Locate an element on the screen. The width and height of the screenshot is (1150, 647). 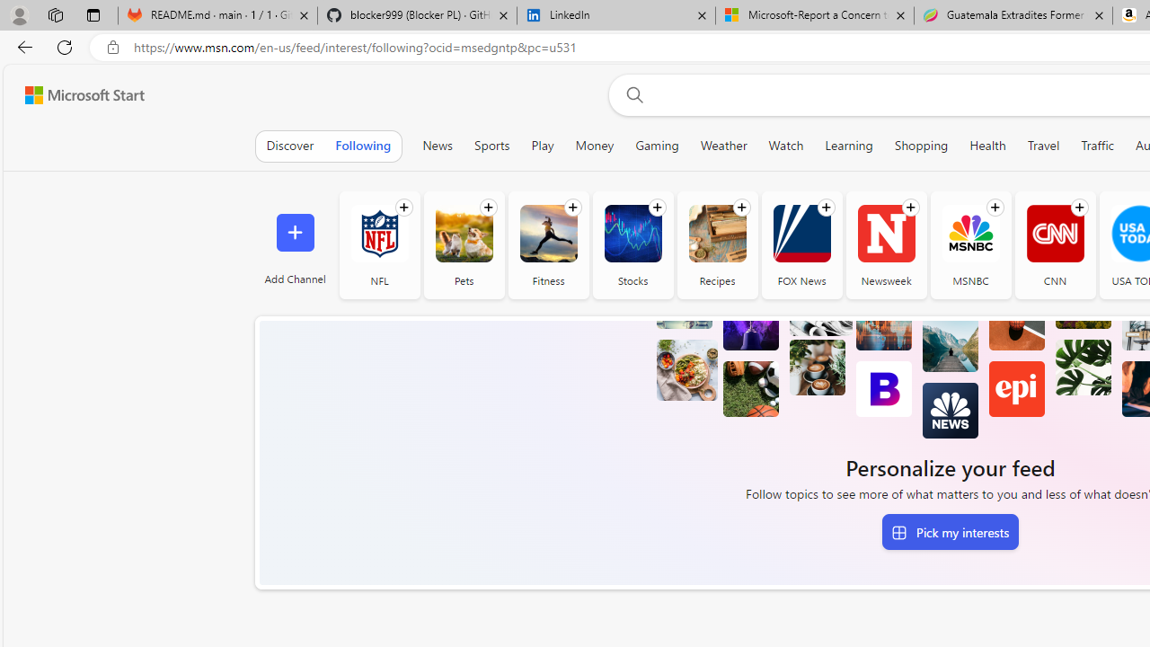
'Fitness' is located at coordinates (547, 233).